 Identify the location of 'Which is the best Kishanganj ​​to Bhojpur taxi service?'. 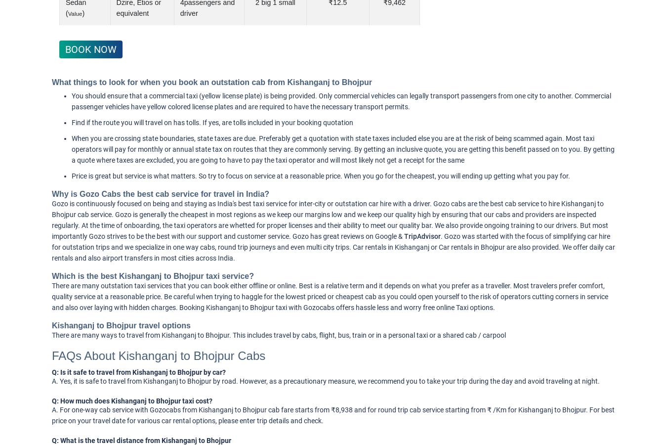
(152, 275).